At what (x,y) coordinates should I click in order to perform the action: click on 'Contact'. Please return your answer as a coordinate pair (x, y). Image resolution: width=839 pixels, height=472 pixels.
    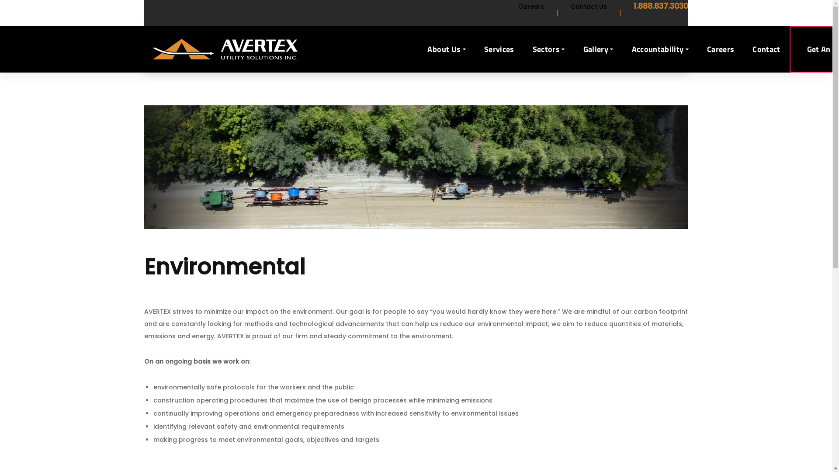
    Looking at the image, I should click on (766, 49).